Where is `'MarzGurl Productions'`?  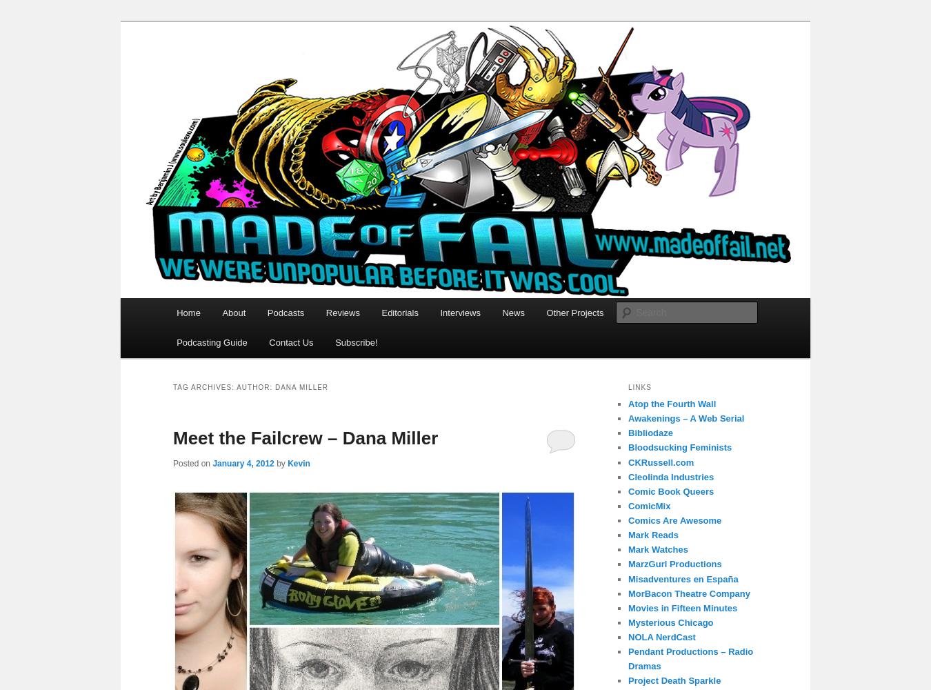 'MarzGurl Productions' is located at coordinates (674, 563).